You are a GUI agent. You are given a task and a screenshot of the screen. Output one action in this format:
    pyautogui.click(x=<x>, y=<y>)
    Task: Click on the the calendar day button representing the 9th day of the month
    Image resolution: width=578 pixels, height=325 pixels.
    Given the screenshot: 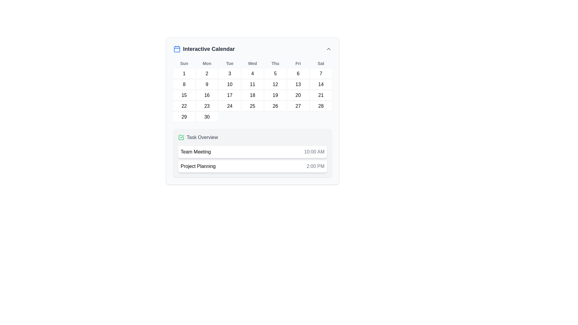 What is the action you would take?
    pyautogui.click(x=207, y=85)
    